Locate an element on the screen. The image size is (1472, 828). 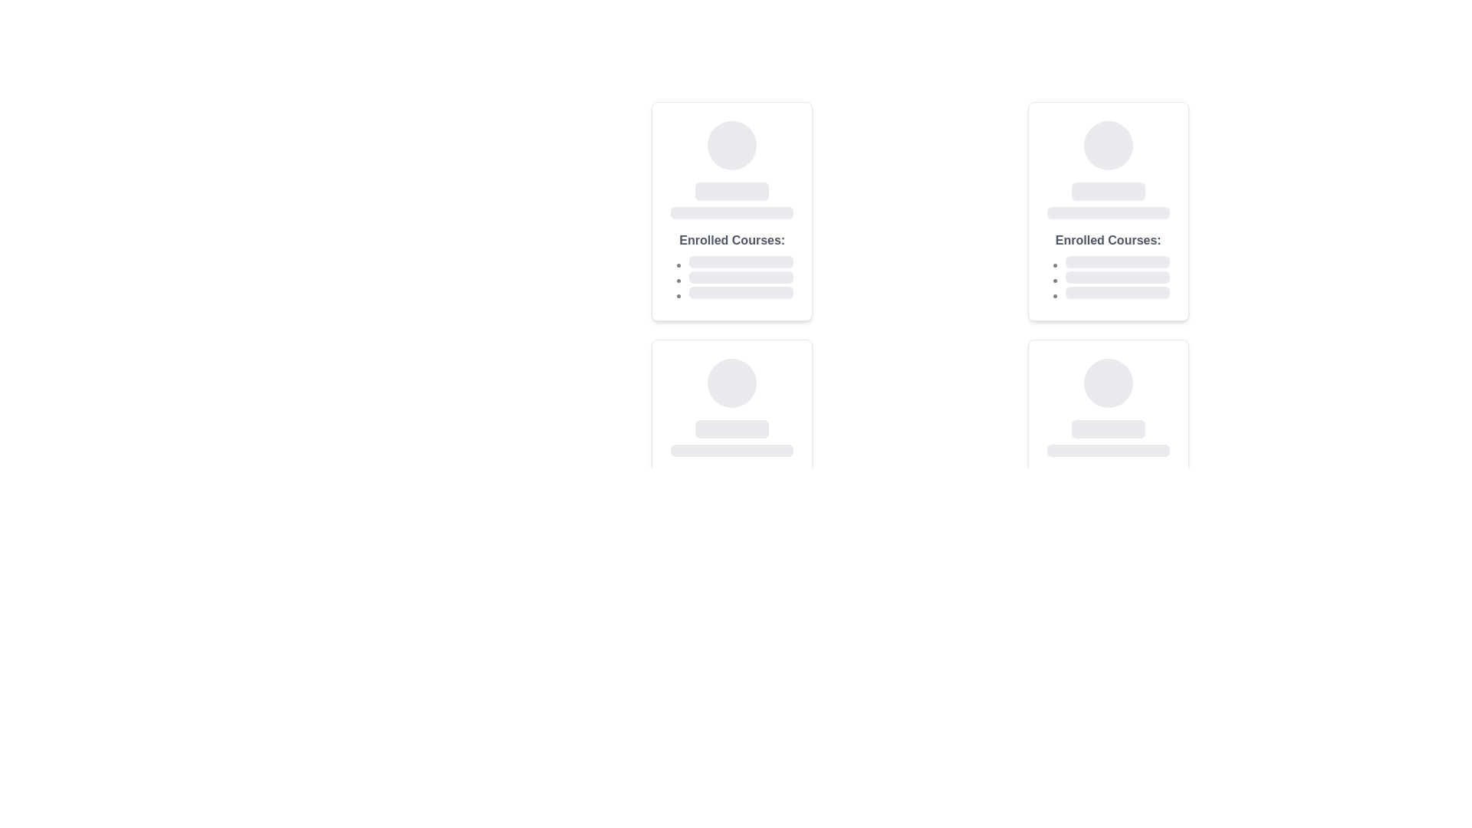
the Button Placeholder located at the bottom of the last user card in the second column from the right by clicking on it is located at coordinates (1108, 429).